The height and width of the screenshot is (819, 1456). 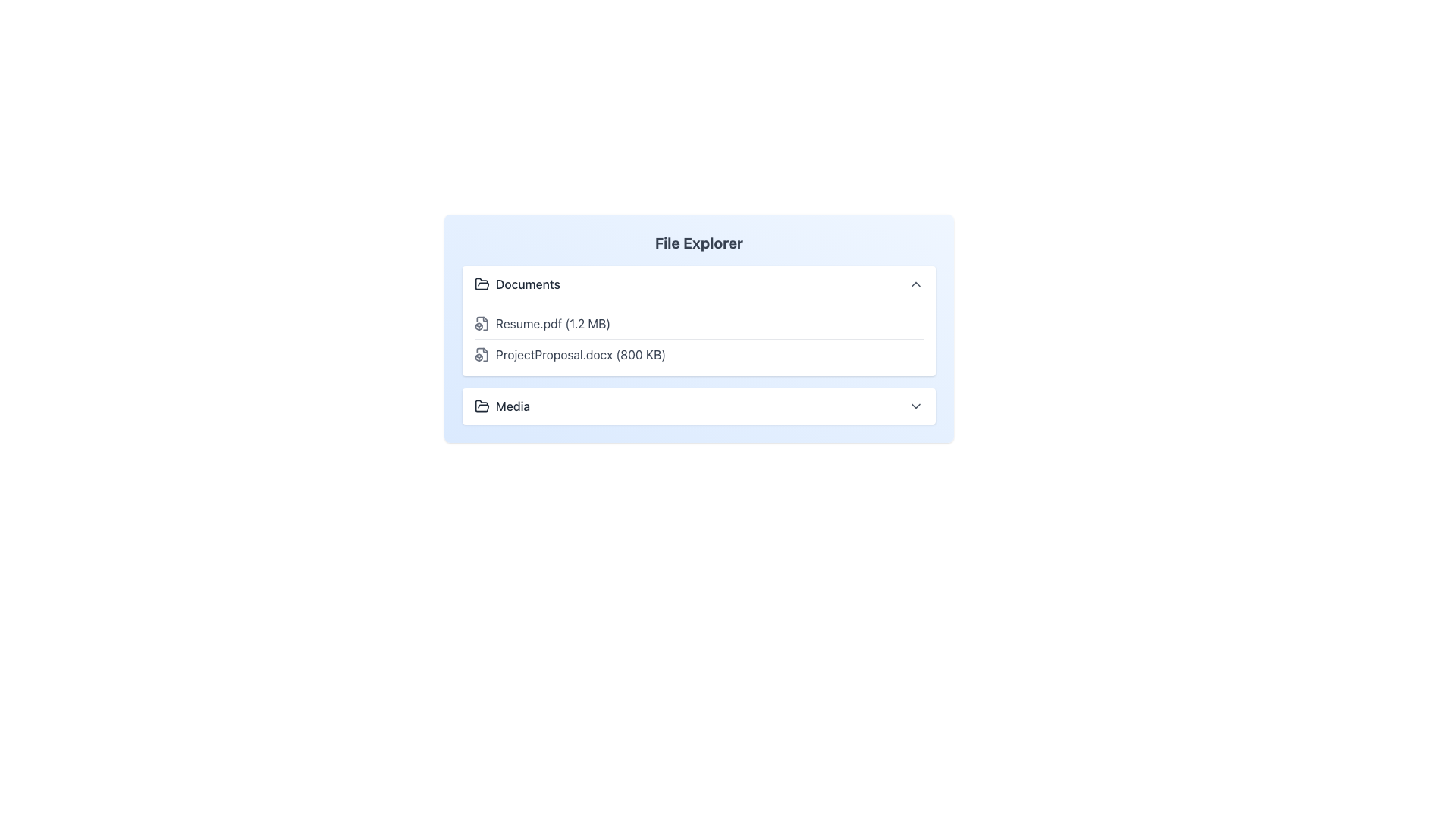 What do you see at coordinates (517, 284) in the screenshot?
I see `the 'Documents' label with an open folder icon in the 'File Explorer'` at bounding box center [517, 284].